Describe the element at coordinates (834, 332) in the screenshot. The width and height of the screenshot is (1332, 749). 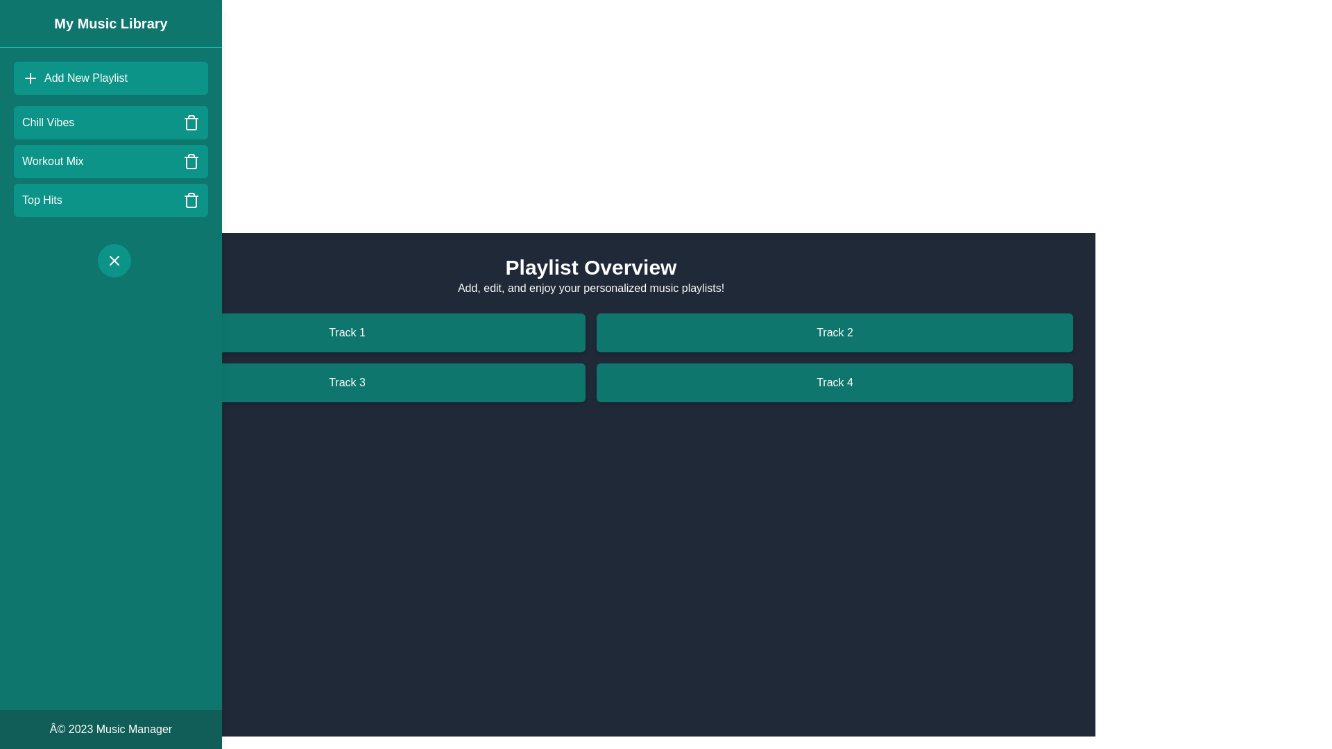
I see `the 'Track 2' button located in the Playlist Overview section, positioned in the top-right quadrant of a 2x2 grid layout` at that location.